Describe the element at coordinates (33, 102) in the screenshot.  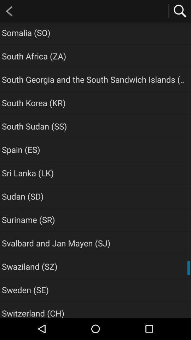
I see `the app above south sudan (ss) item` at that location.